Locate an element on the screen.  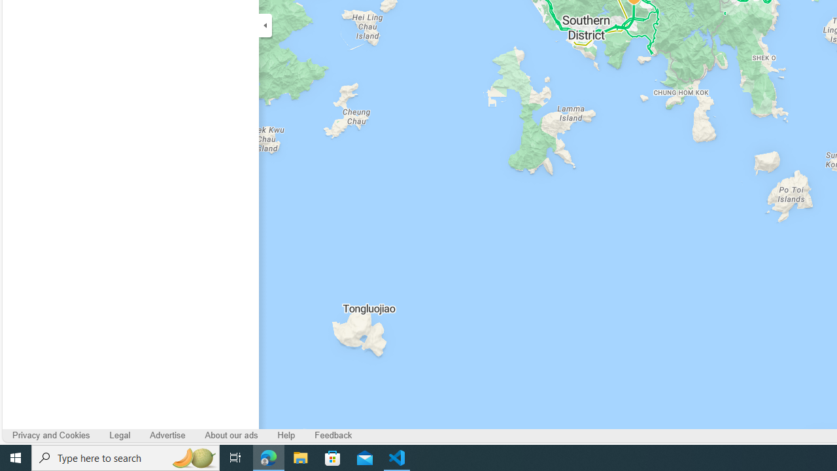
'Feedback' is located at coordinates (333, 435).